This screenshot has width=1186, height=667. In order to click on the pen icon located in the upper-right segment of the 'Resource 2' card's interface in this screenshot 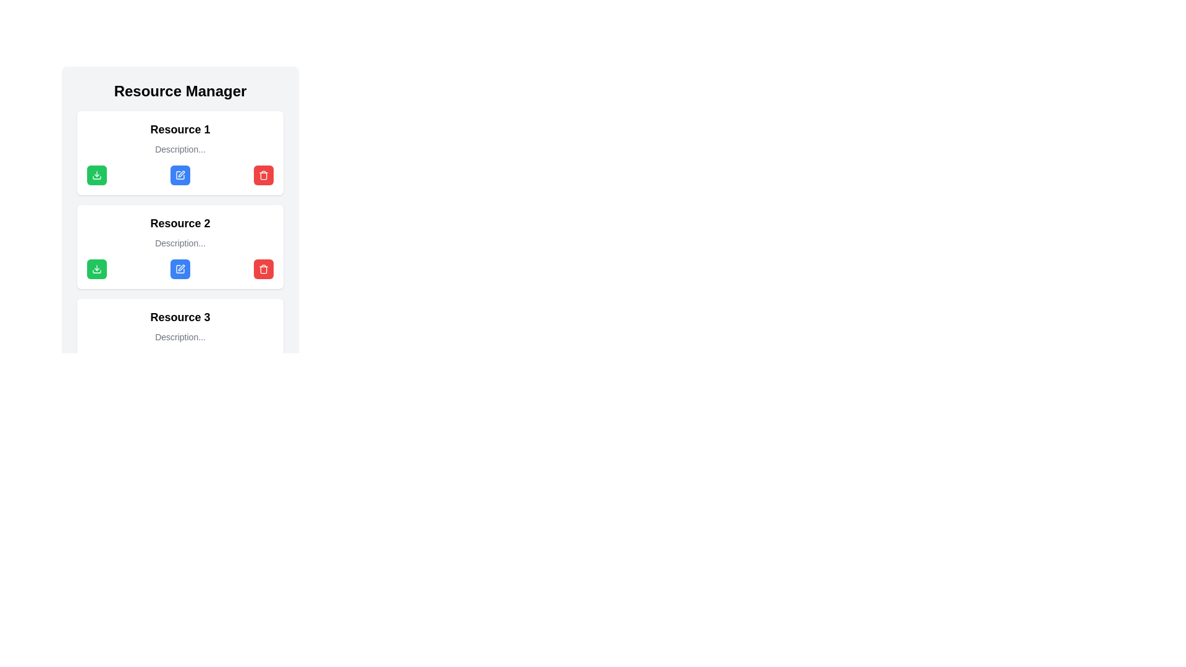, I will do `click(180, 267)`.